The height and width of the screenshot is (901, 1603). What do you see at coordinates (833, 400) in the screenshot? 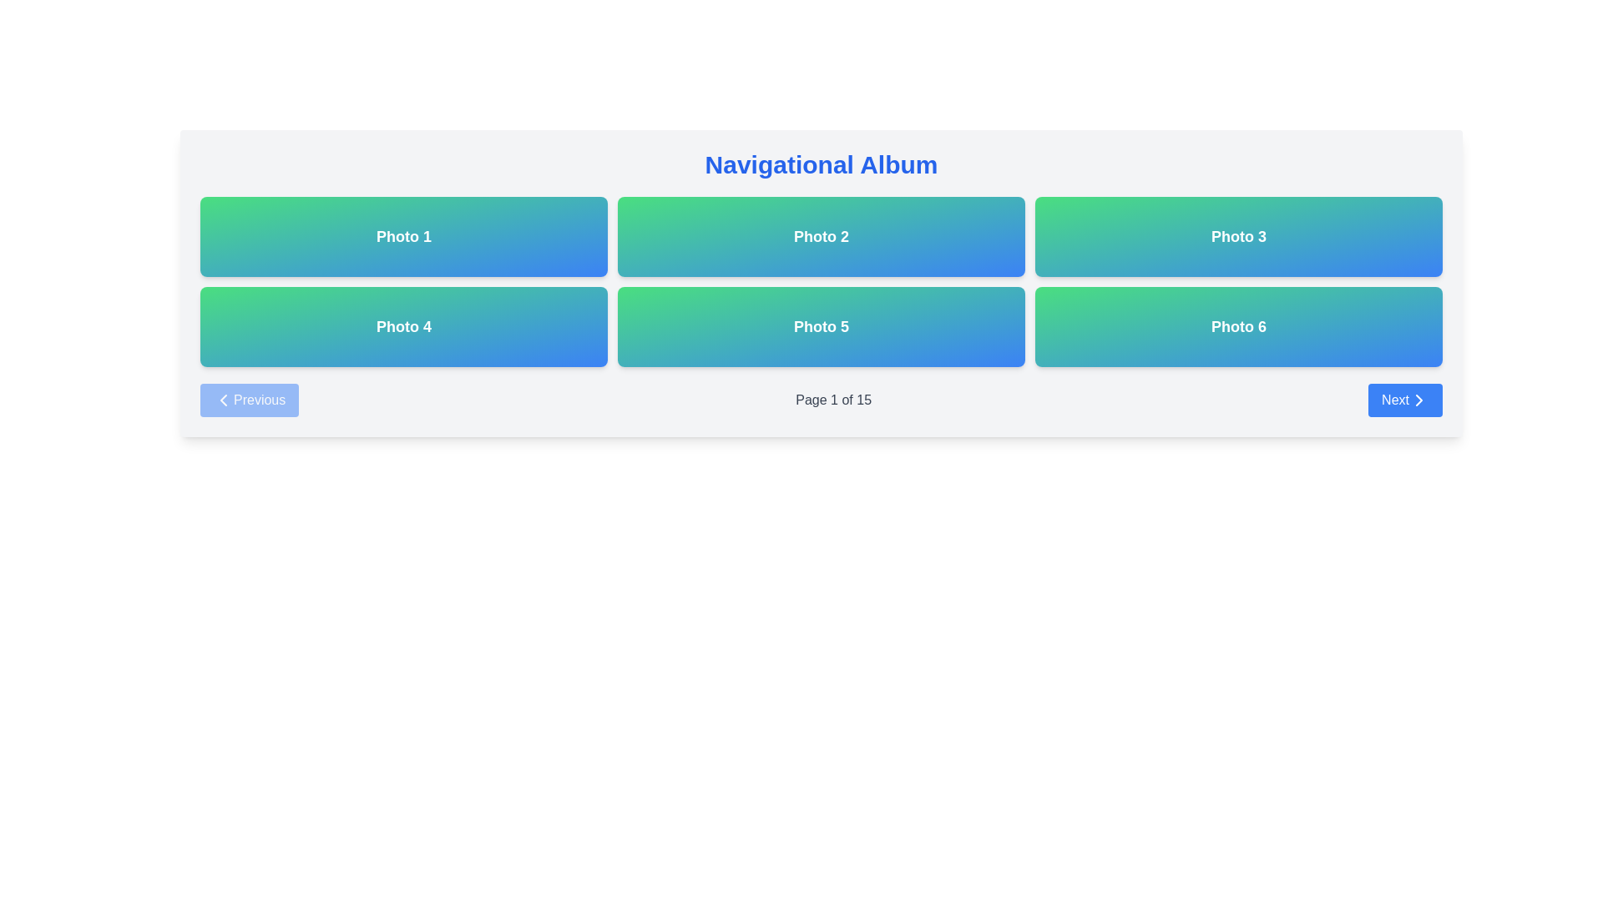
I see `the text display component that indicates 'Page 1 of 15', which is centrally located in the navigation section and styled in medium weight gray sans-serif font against a white background` at bounding box center [833, 400].